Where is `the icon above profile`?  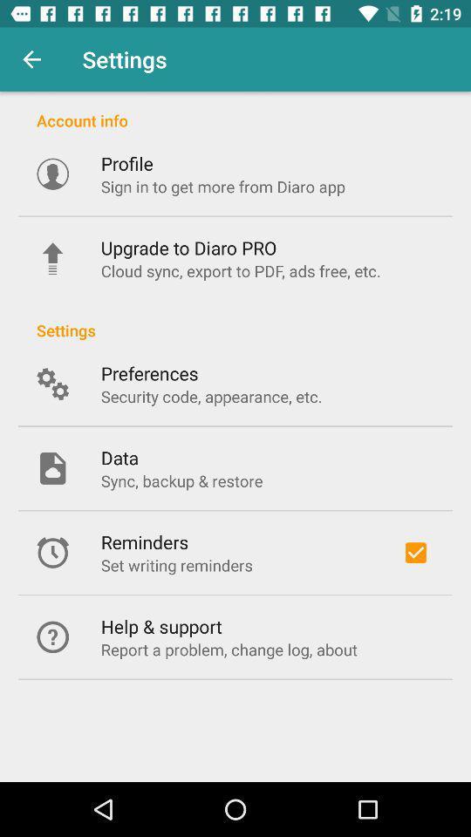 the icon above profile is located at coordinates (235, 110).